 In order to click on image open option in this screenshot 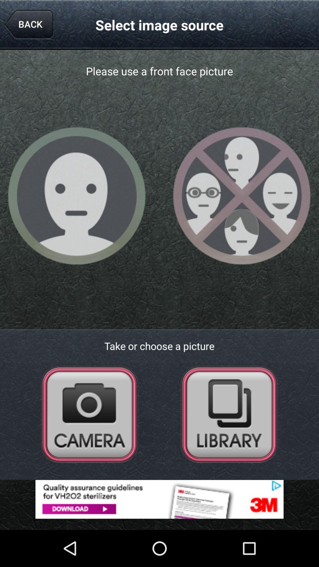, I will do `click(229, 414)`.